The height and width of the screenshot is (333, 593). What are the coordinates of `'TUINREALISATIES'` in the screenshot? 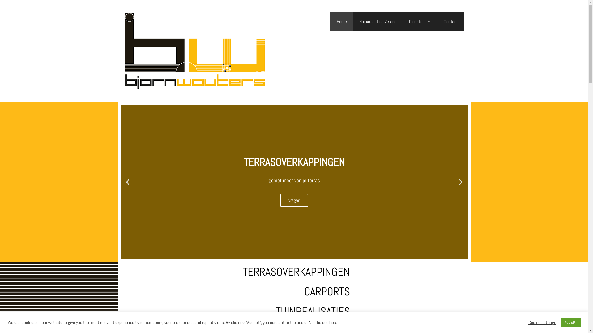 It's located at (313, 311).